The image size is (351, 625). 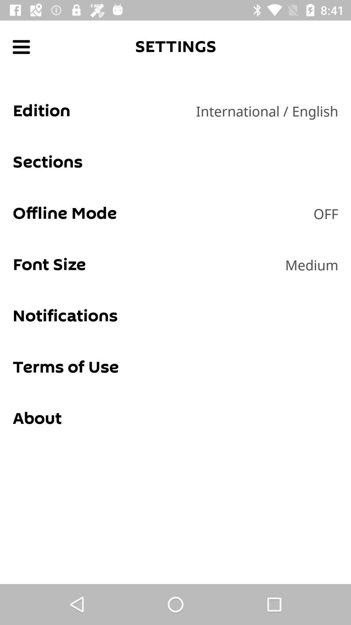 What do you see at coordinates (21, 47) in the screenshot?
I see `icon above edition` at bounding box center [21, 47].